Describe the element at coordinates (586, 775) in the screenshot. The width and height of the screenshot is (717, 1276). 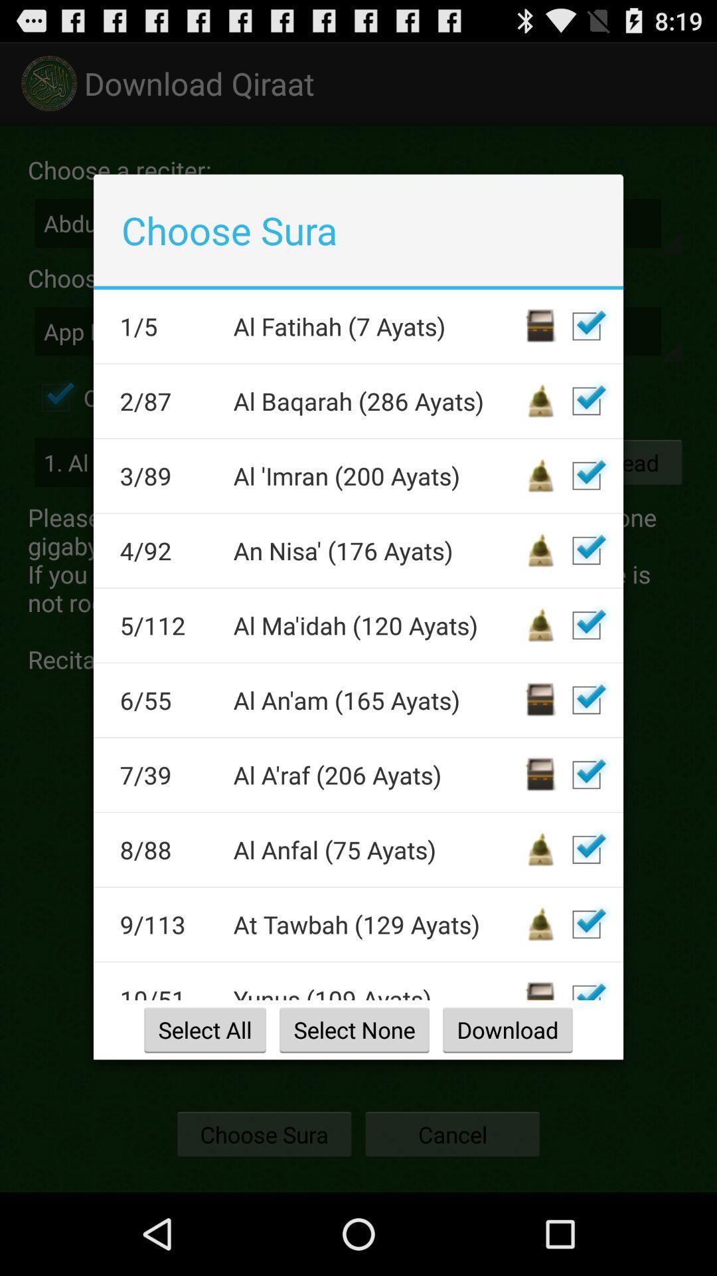
I see `for download` at that location.